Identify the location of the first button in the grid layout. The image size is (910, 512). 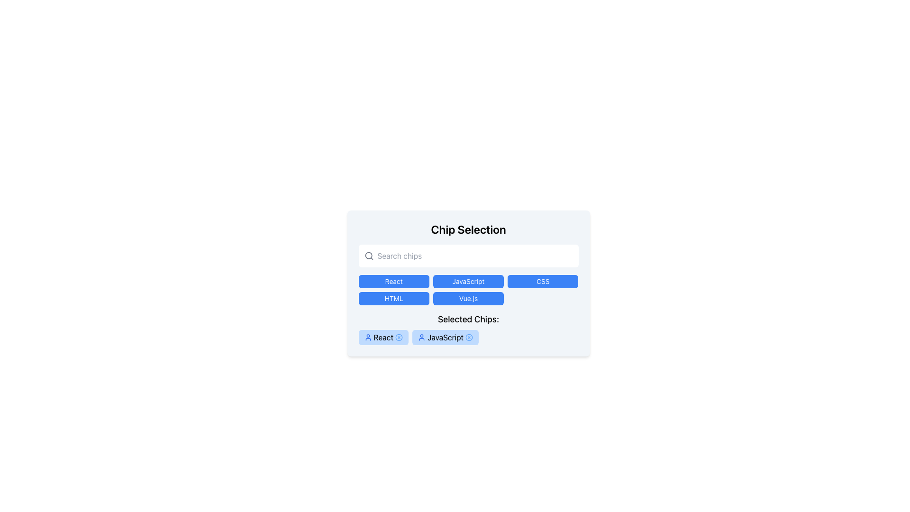
(394, 281).